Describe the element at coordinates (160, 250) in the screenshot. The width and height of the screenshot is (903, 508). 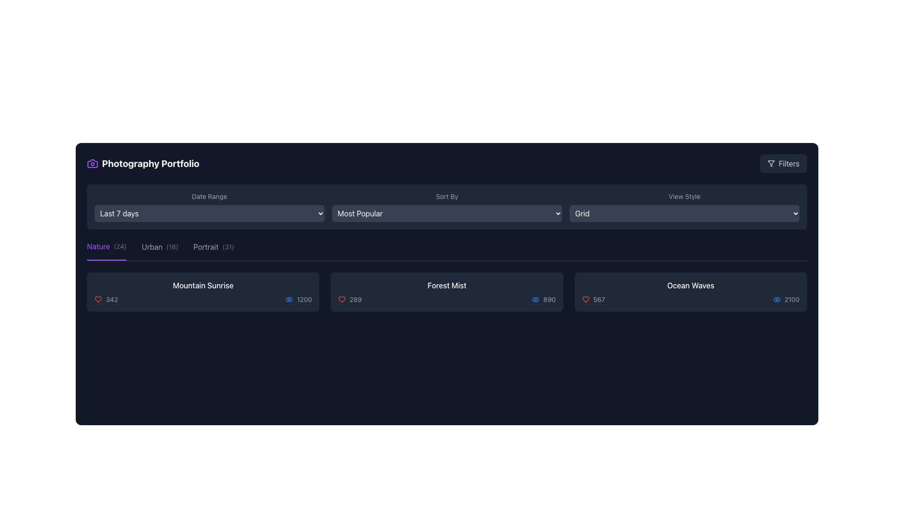
I see `the button labeled 'Urban(18)' to filter by the Urban category. This button is the second in a horizontal list of three tabs located below a dark blue navigation bar` at that location.